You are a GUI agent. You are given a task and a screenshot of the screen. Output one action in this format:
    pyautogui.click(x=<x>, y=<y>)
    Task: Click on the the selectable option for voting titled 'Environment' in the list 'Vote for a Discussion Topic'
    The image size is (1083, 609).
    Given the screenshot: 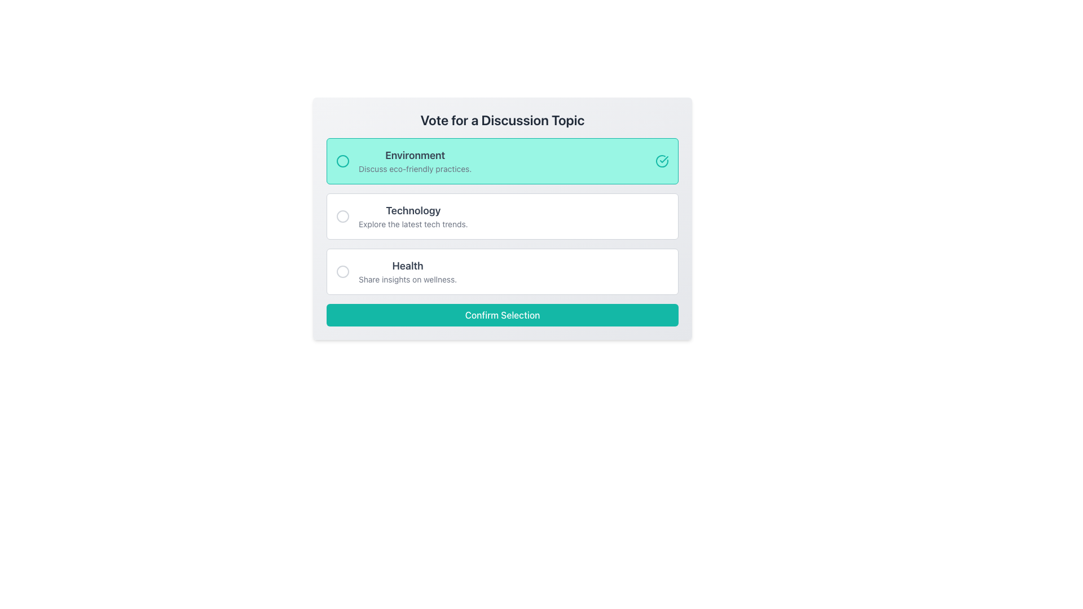 What is the action you would take?
    pyautogui.click(x=404, y=161)
    